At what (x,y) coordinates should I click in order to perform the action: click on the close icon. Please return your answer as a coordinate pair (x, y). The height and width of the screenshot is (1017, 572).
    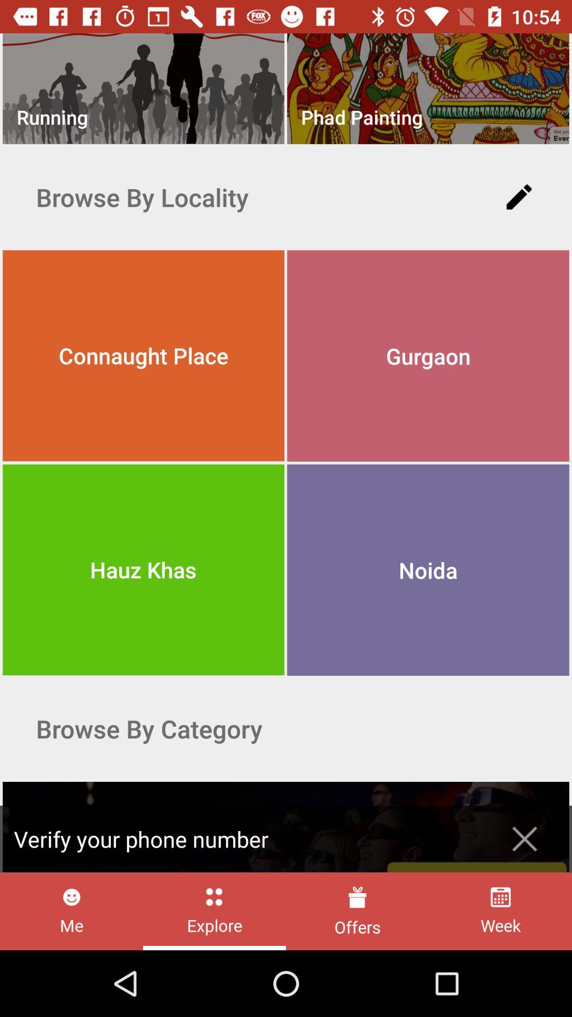
    Looking at the image, I should click on (524, 838).